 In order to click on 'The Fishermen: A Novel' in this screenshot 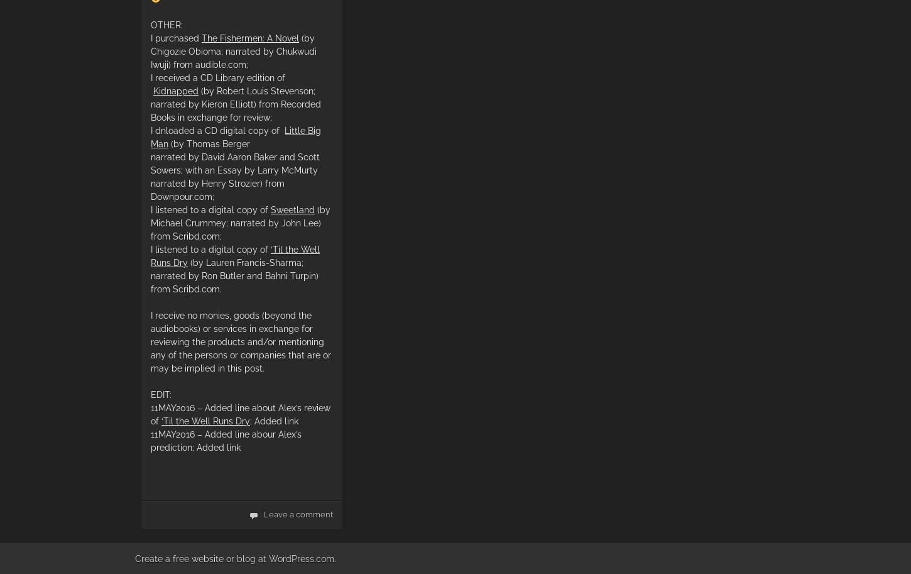, I will do `click(202, 37)`.